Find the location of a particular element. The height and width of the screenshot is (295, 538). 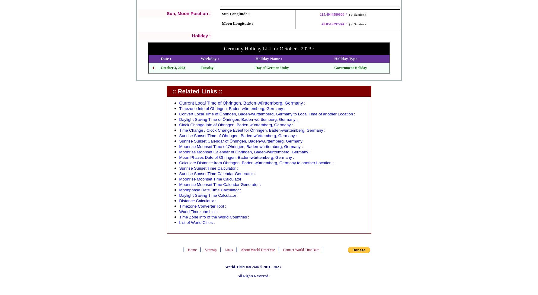

'Sunrise Sunset Time of Öhringen, Baden-württemberg, Germany :' is located at coordinates (238, 135).